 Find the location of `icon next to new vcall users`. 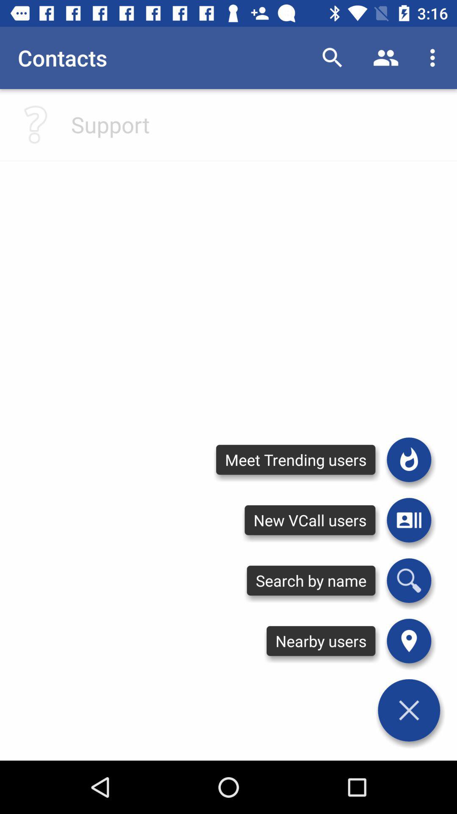

icon next to new vcall users is located at coordinates (408, 580).